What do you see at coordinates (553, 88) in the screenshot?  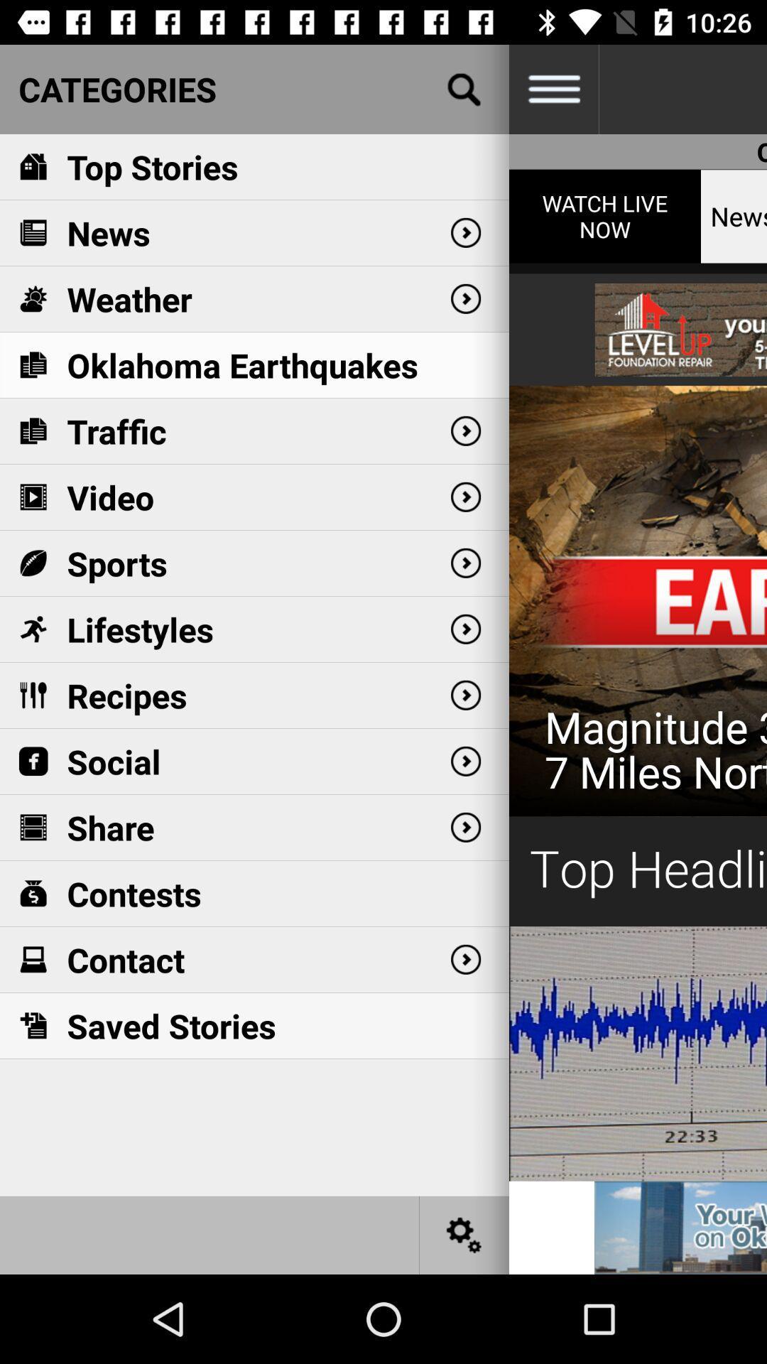 I see `settings` at bounding box center [553, 88].